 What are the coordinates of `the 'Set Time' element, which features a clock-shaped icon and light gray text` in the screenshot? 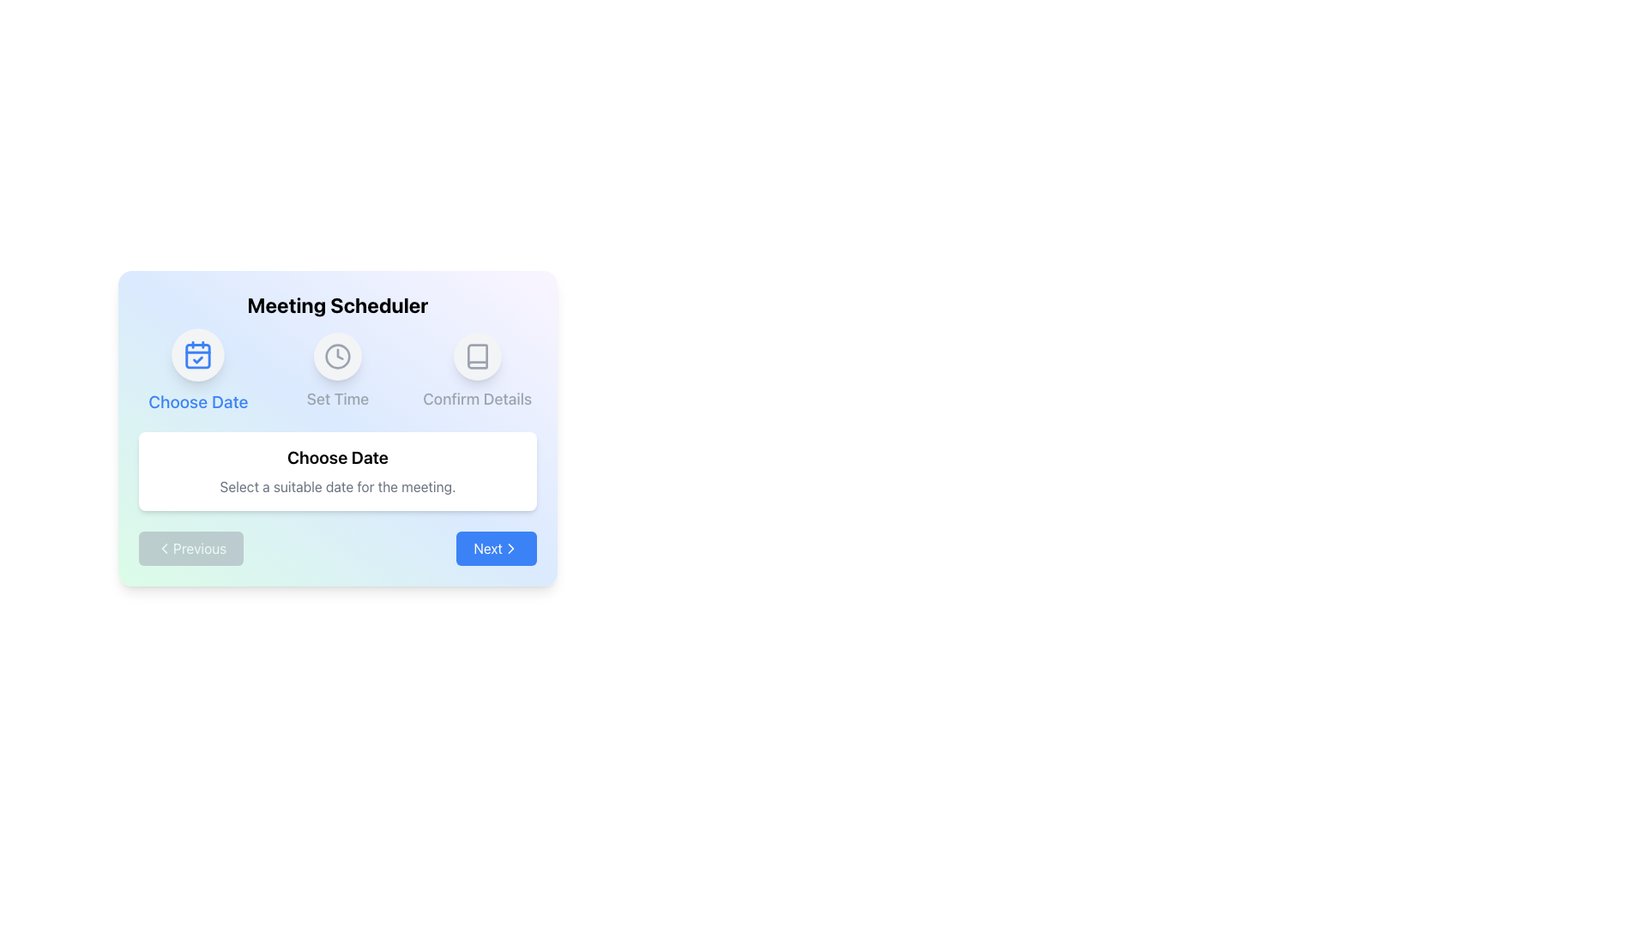 It's located at (337, 371).